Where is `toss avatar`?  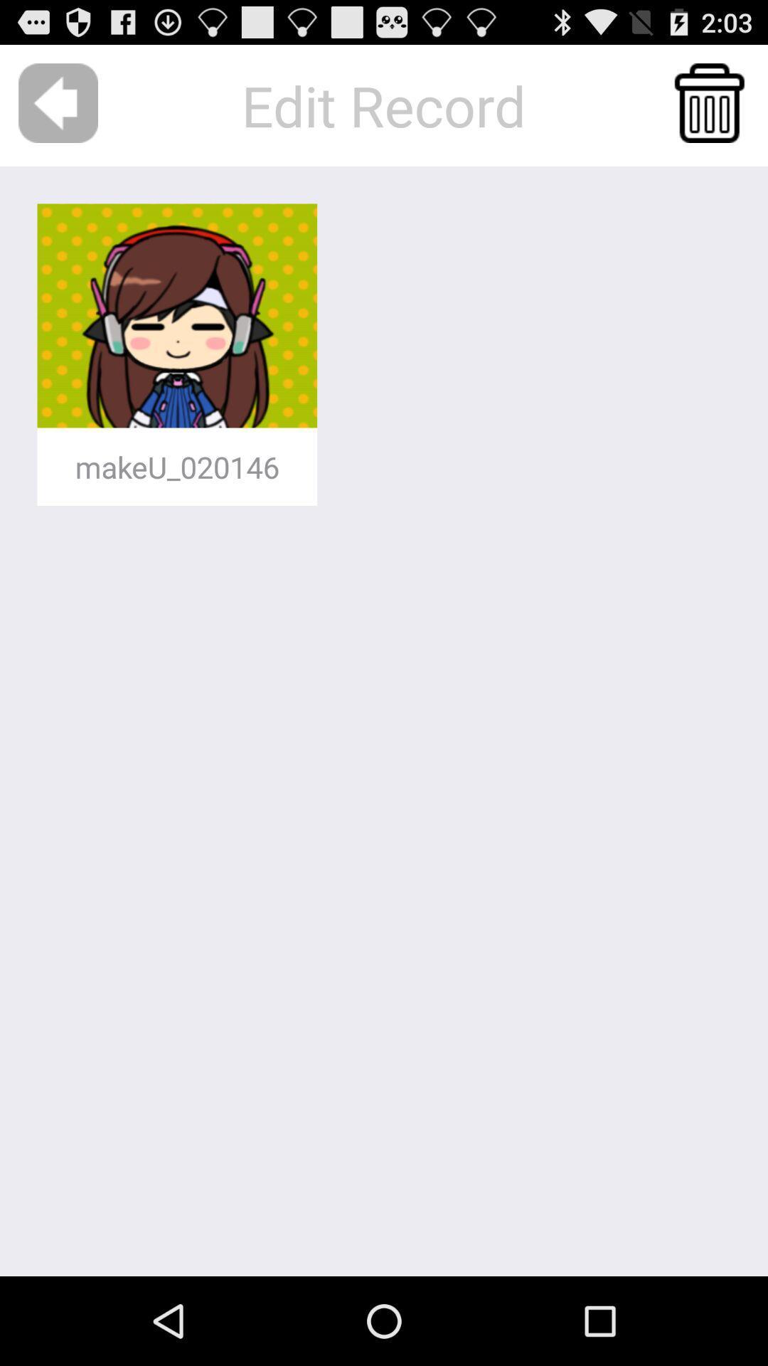
toss avatar is located at coordinates (709, 102).